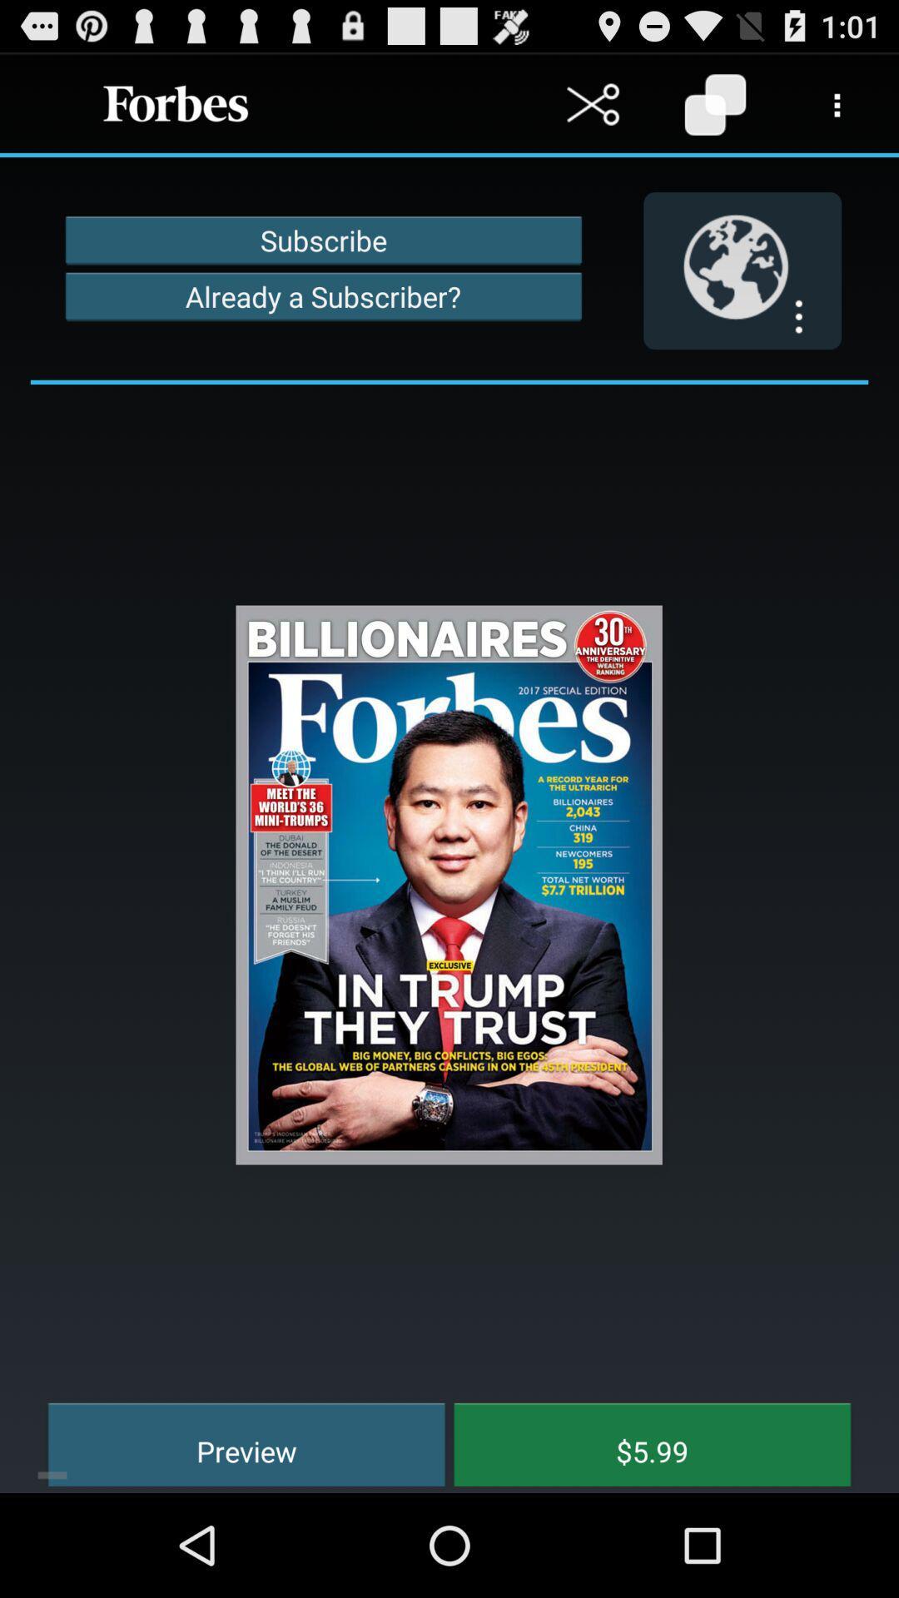 The image size is (899, 1598). Describe the element at coordinates (592, 103) in the screenshot. I see `cut` at that location.